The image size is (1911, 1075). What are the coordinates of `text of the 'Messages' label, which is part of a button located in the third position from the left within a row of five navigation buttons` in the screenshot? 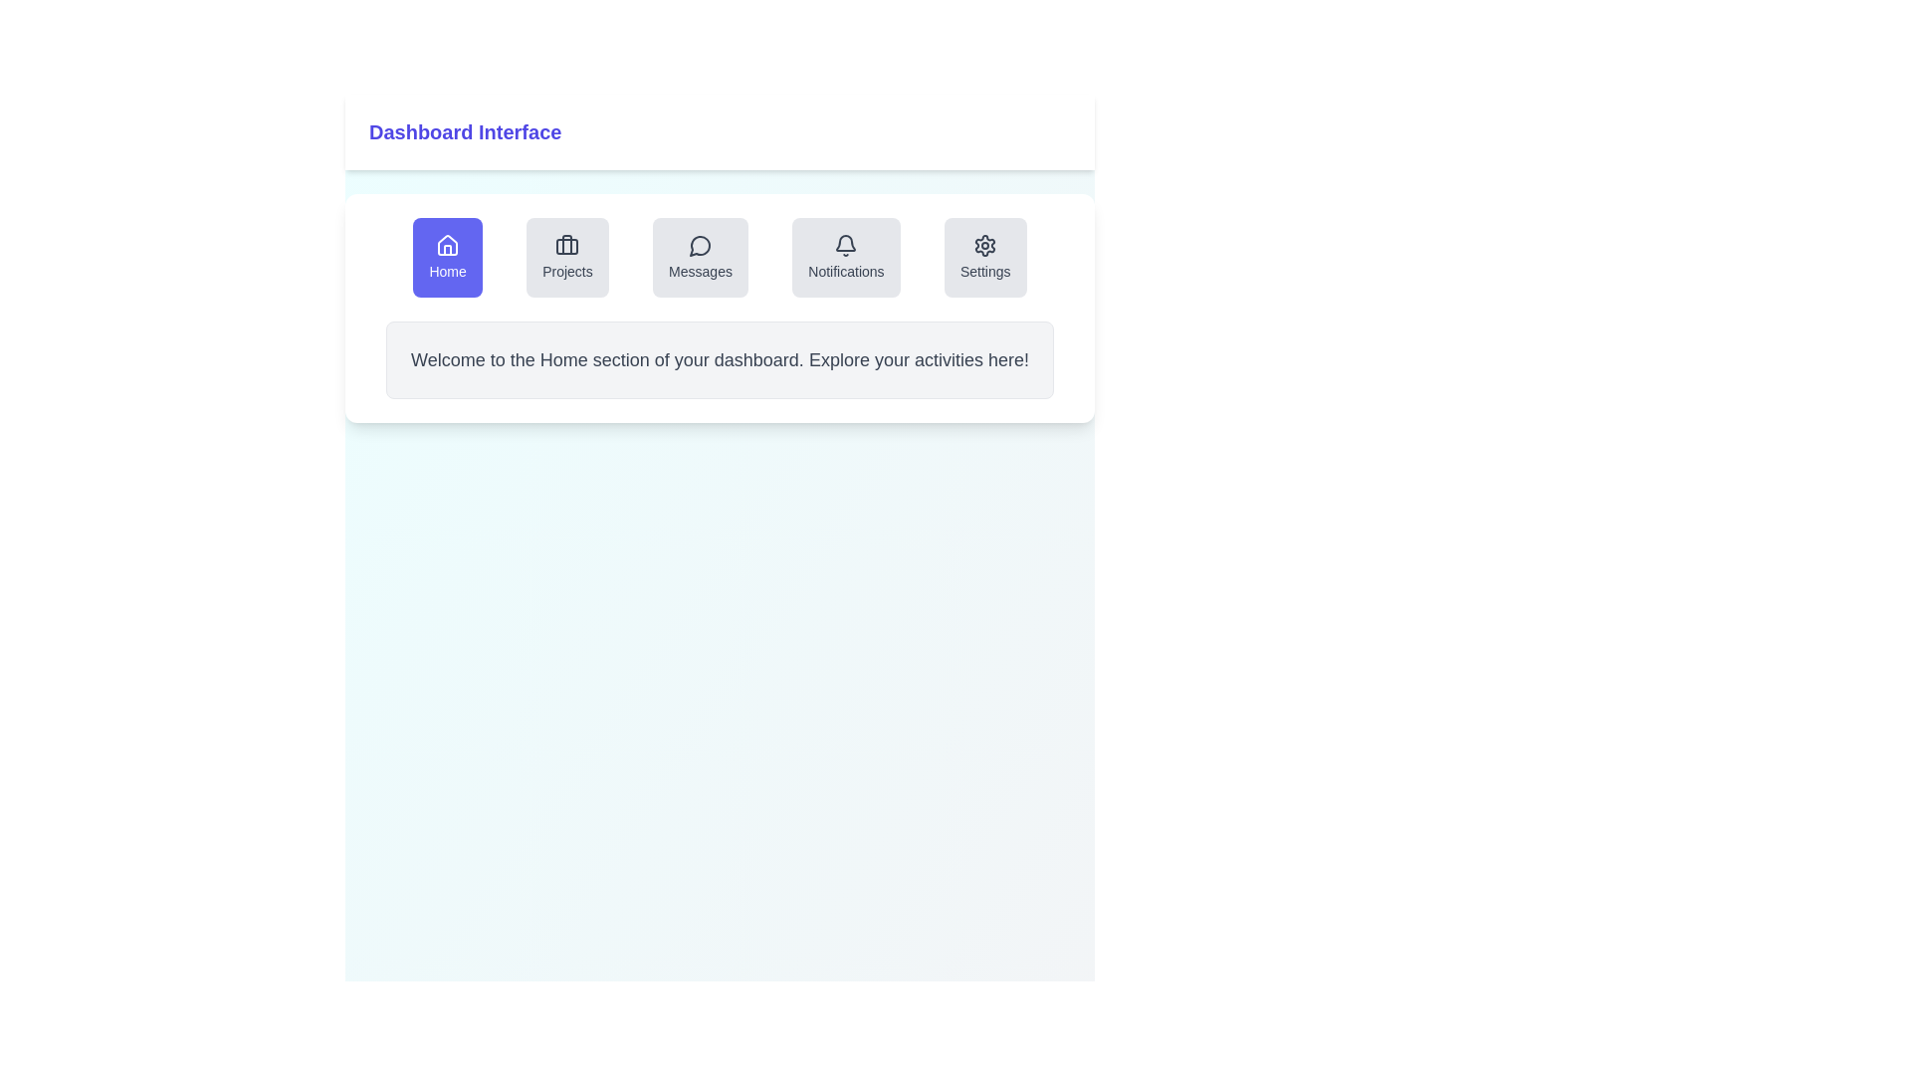 It's located at (701, 272).